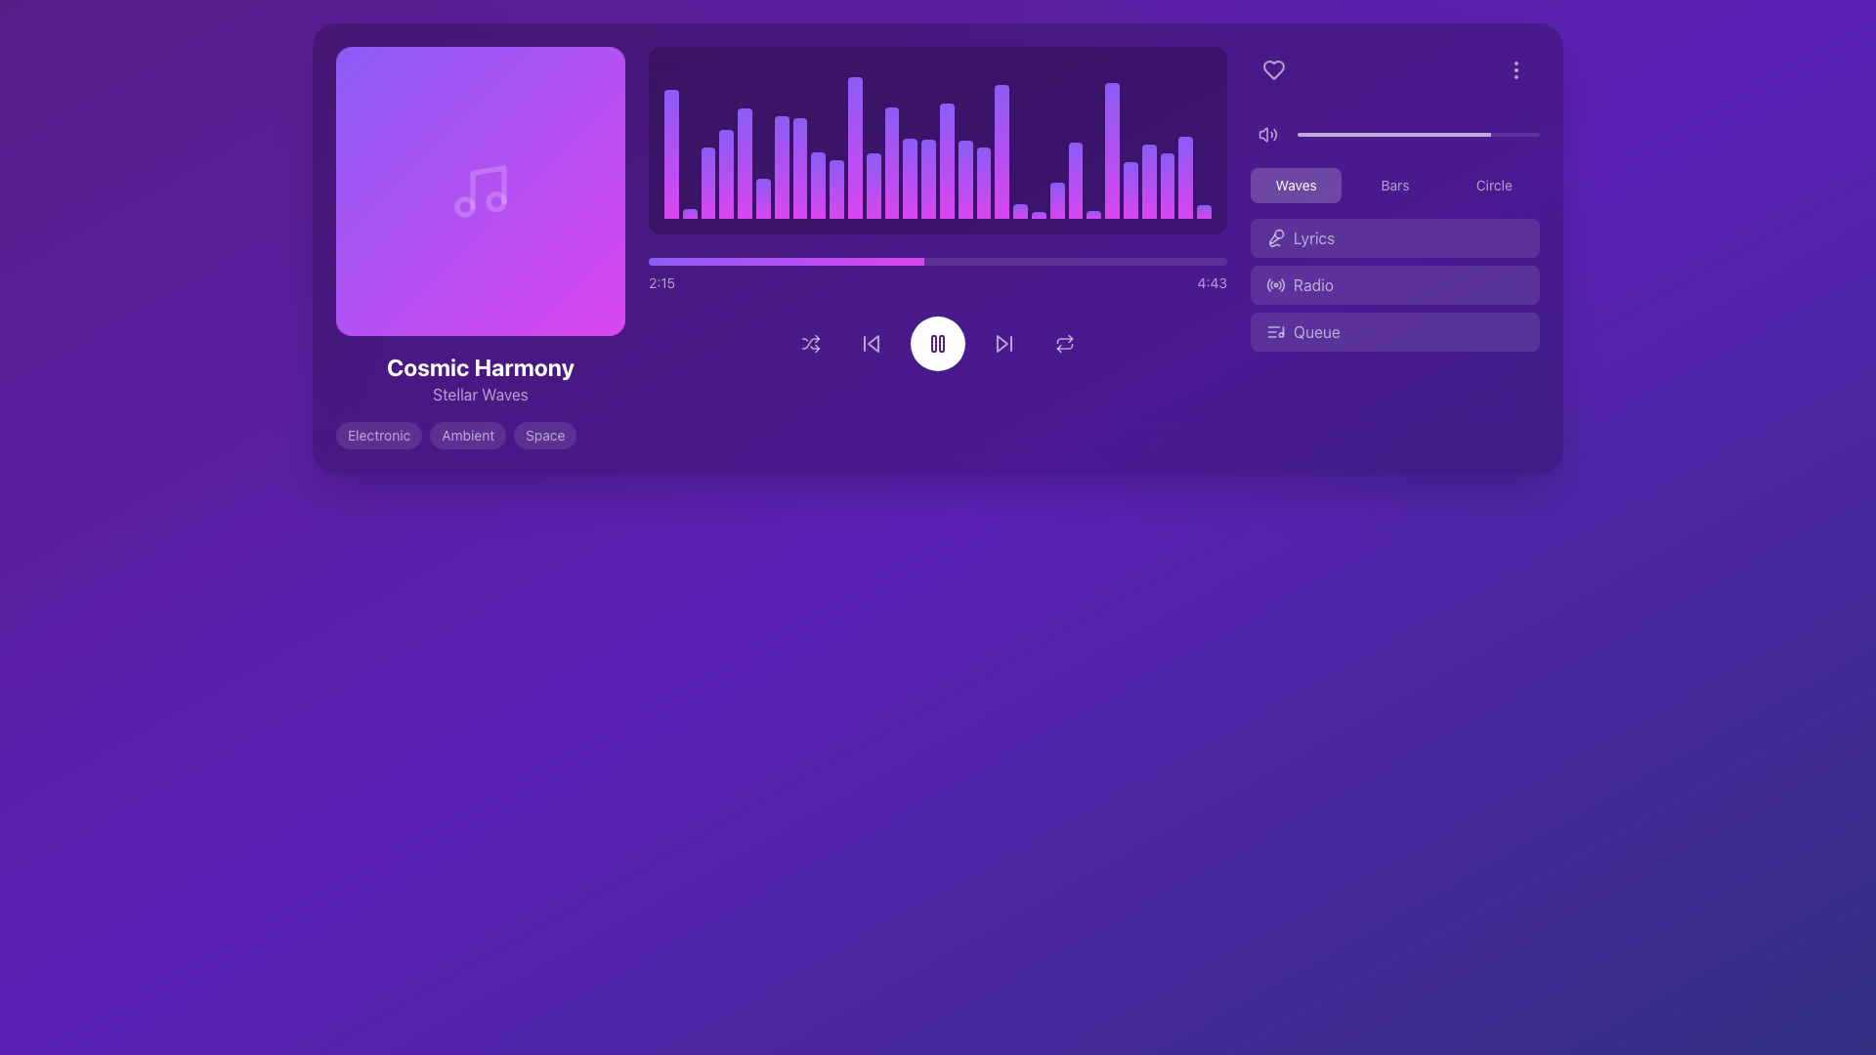  What do you see at coordinates (1314, 236) in the screenshot?
I see `text label "Lyrics" located within the button-like region in the right section of the interface, specifically the second element in the vertical stack of buttons` at bounding box center [1314, 236].